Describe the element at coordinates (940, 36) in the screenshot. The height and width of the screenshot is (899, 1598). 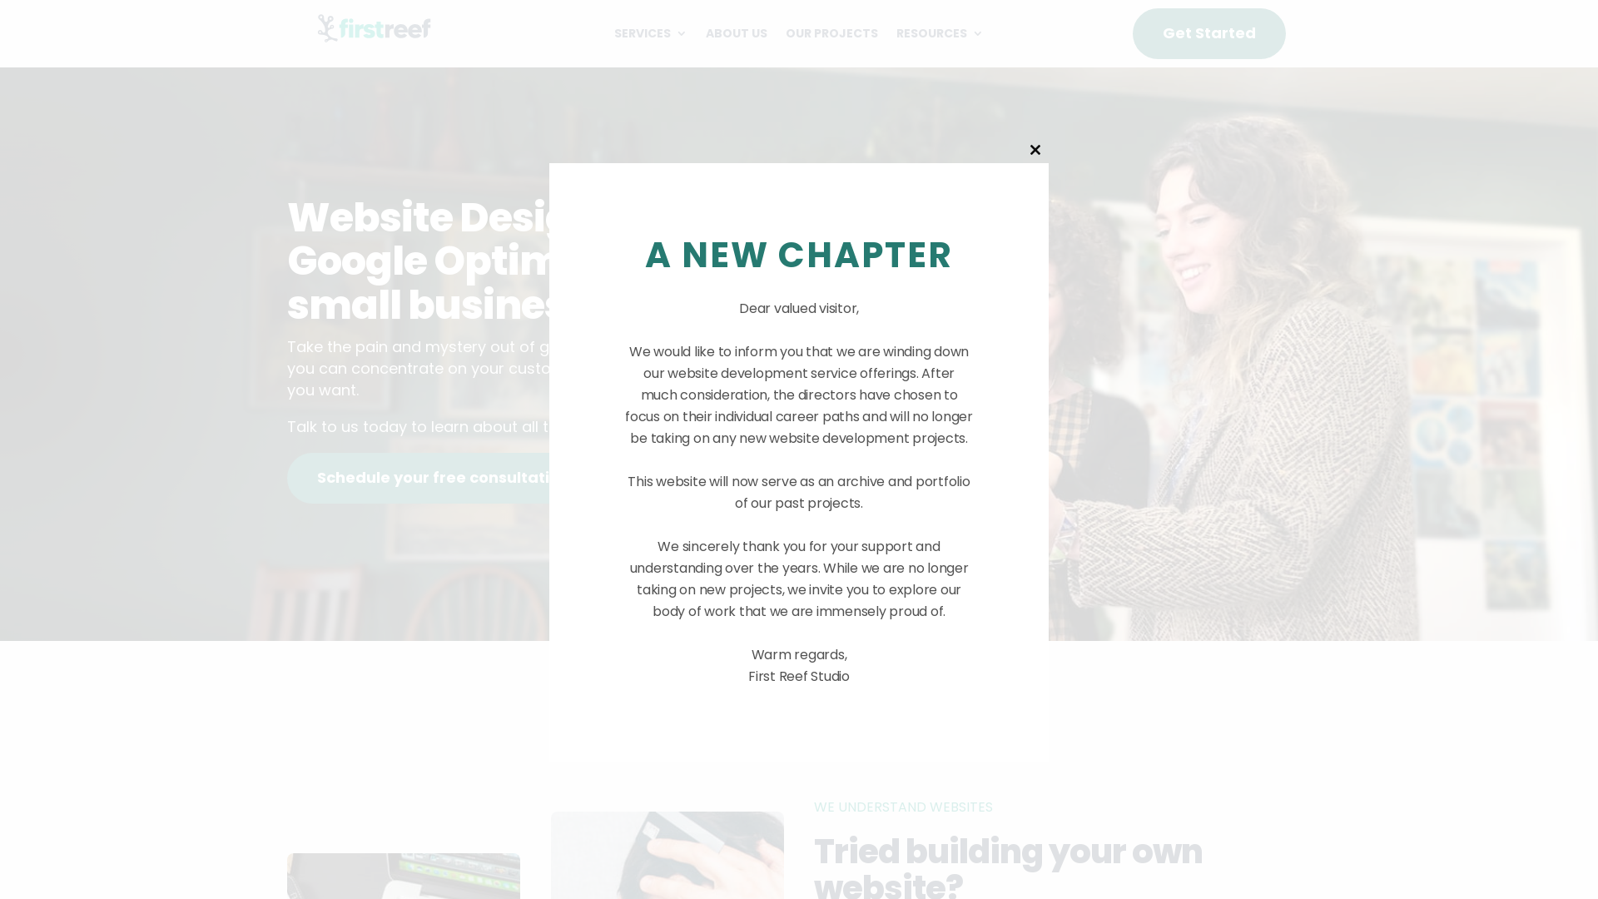
I see `'RESOURCES'` at that location.